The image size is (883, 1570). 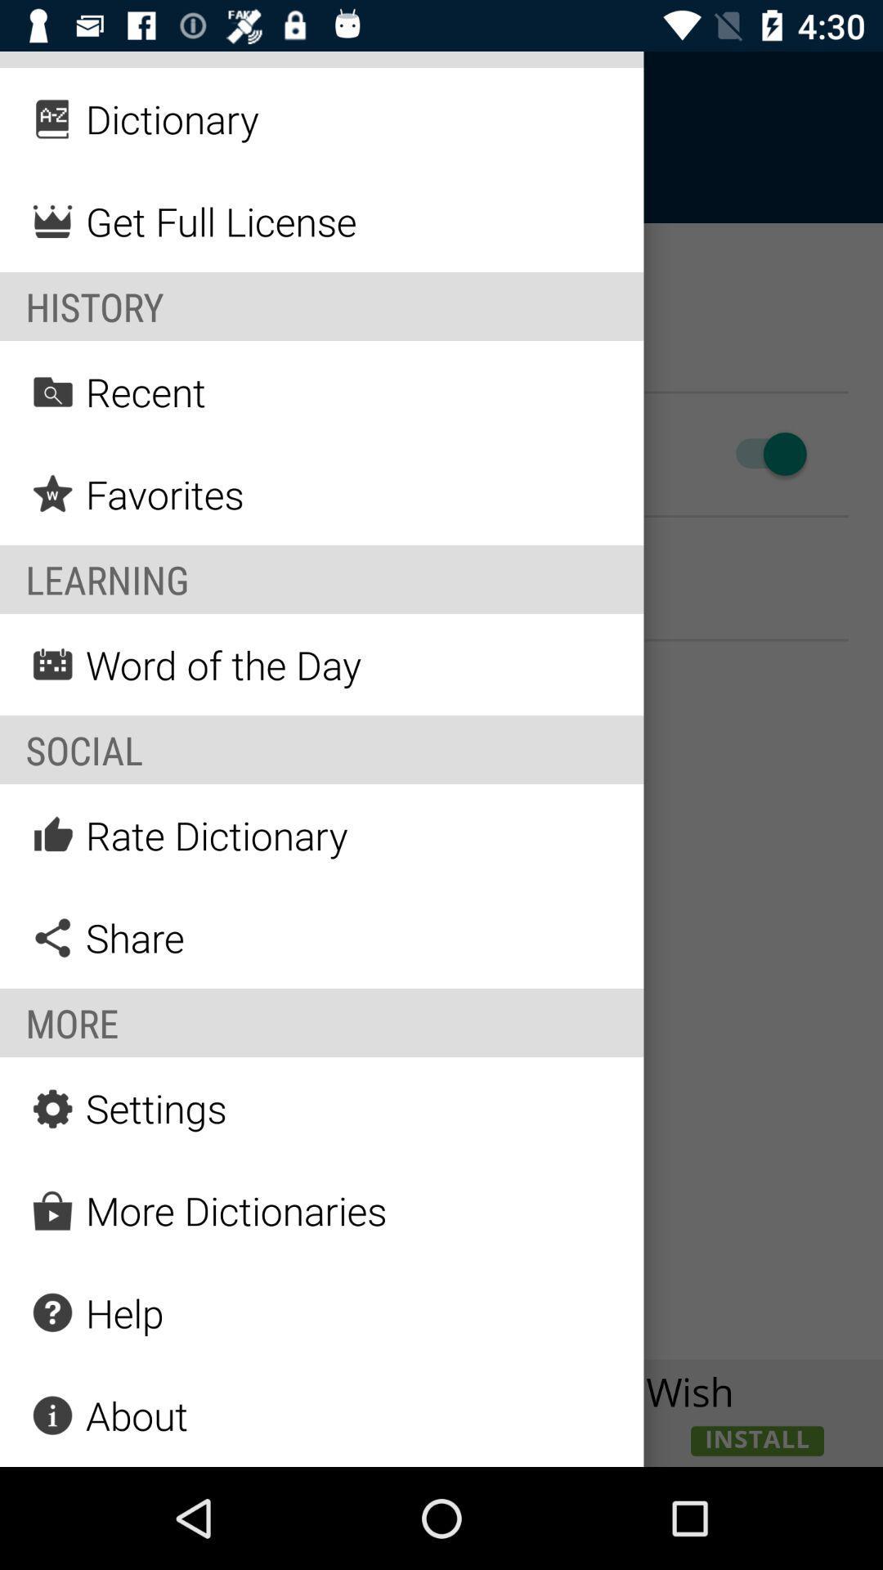 I want to click on the icon share, so click(x=52, y=938).